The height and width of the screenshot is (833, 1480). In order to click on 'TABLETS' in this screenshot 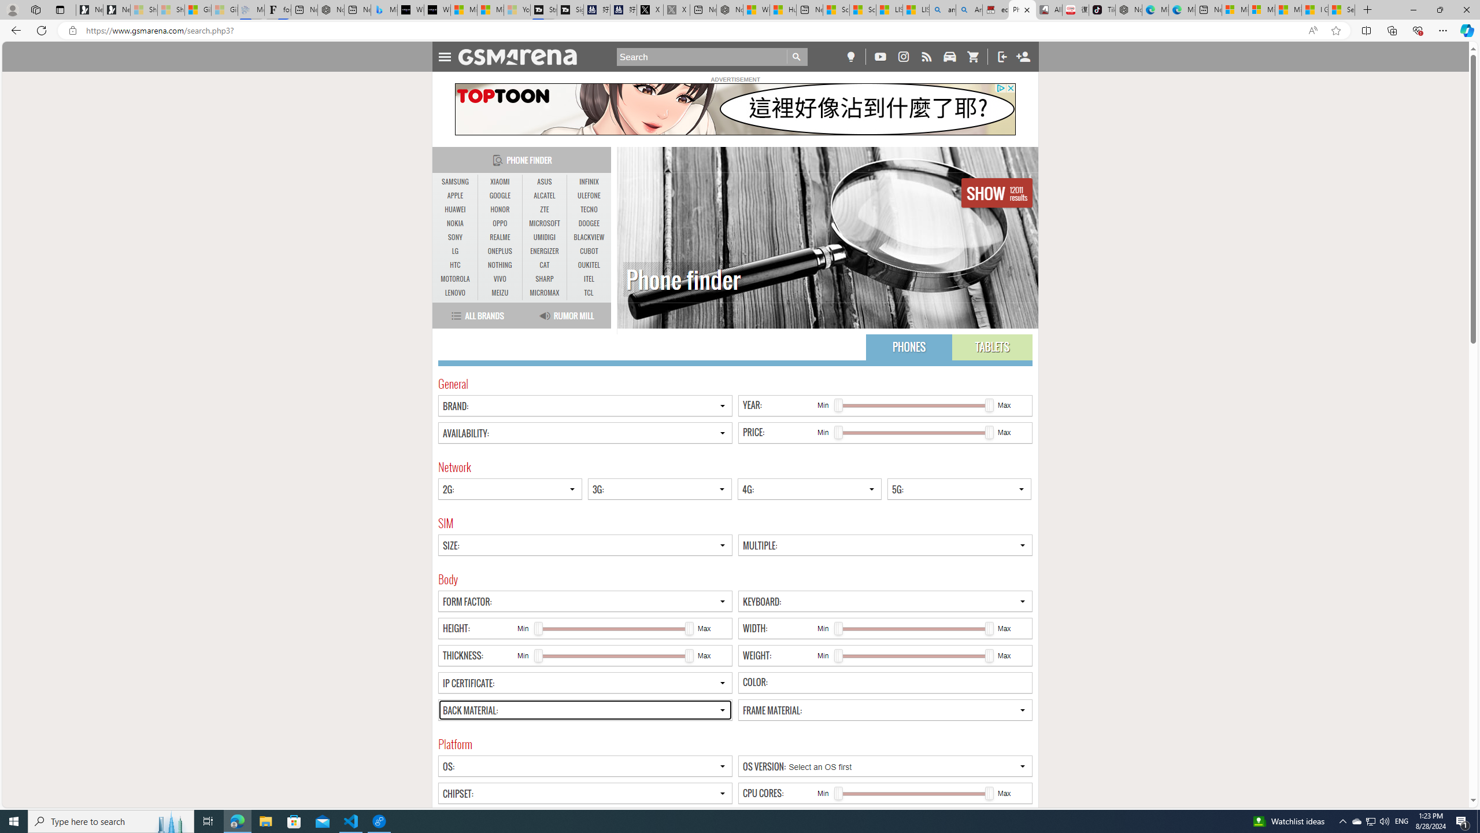, I will do `click(992, 347)`.